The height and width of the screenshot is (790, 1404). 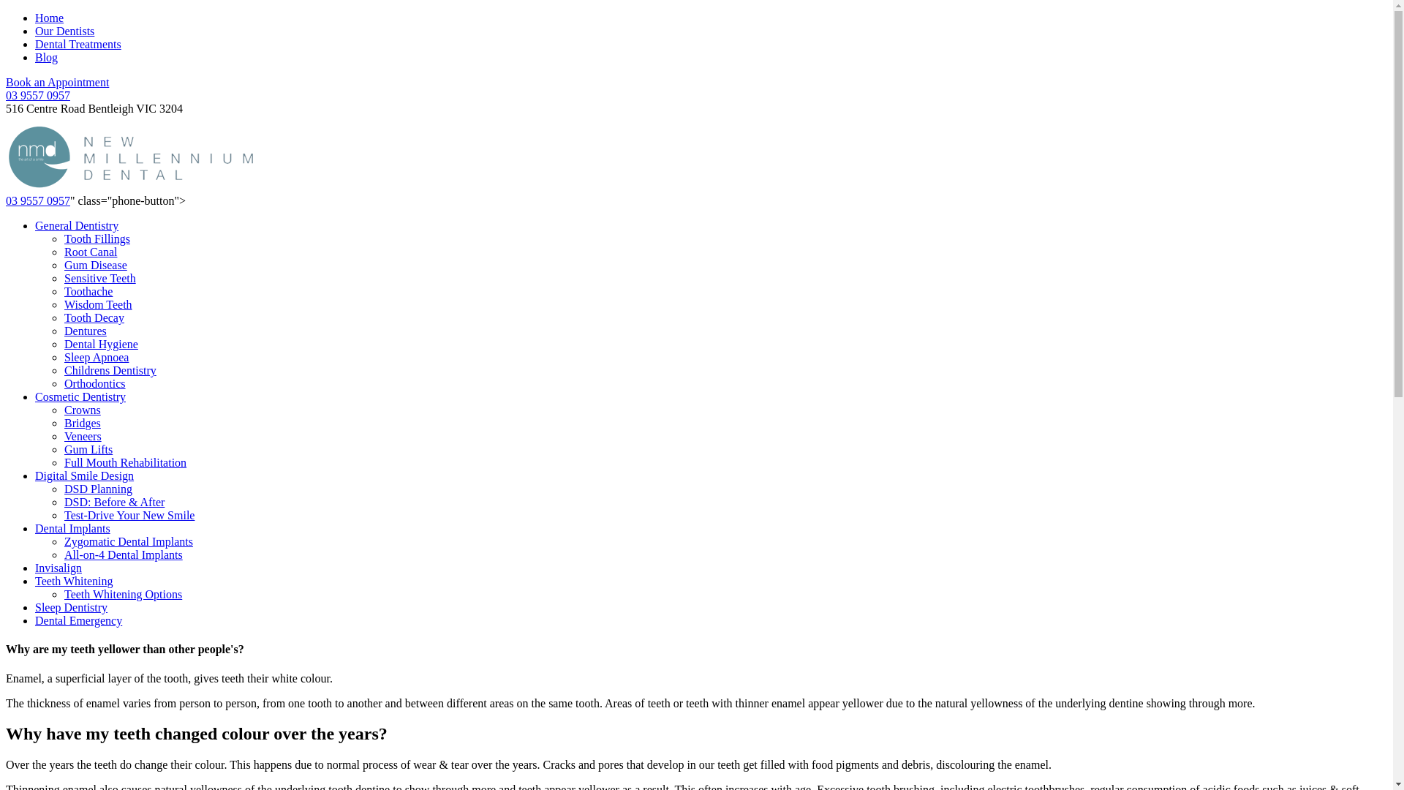 What do you see at coordinates (73, 580) in the screenshot?
I see `'Teeth Whitening'` at bounding box center [73, 580].